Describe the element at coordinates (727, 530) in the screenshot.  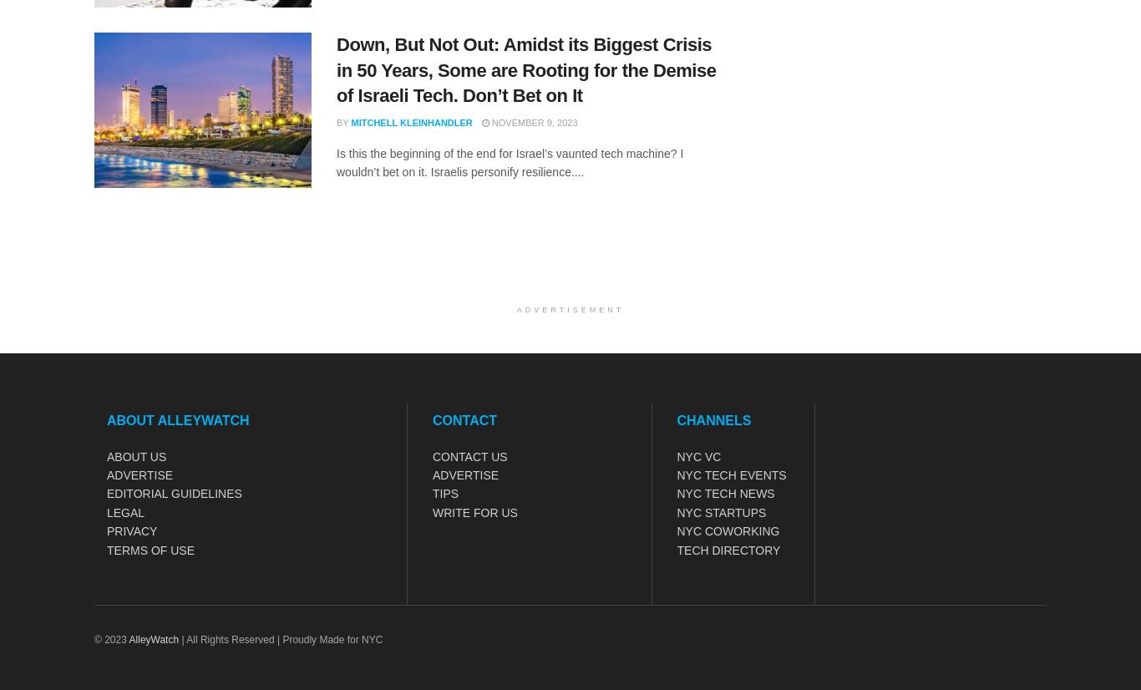
I see `'NYC COWORKING'` at that location.